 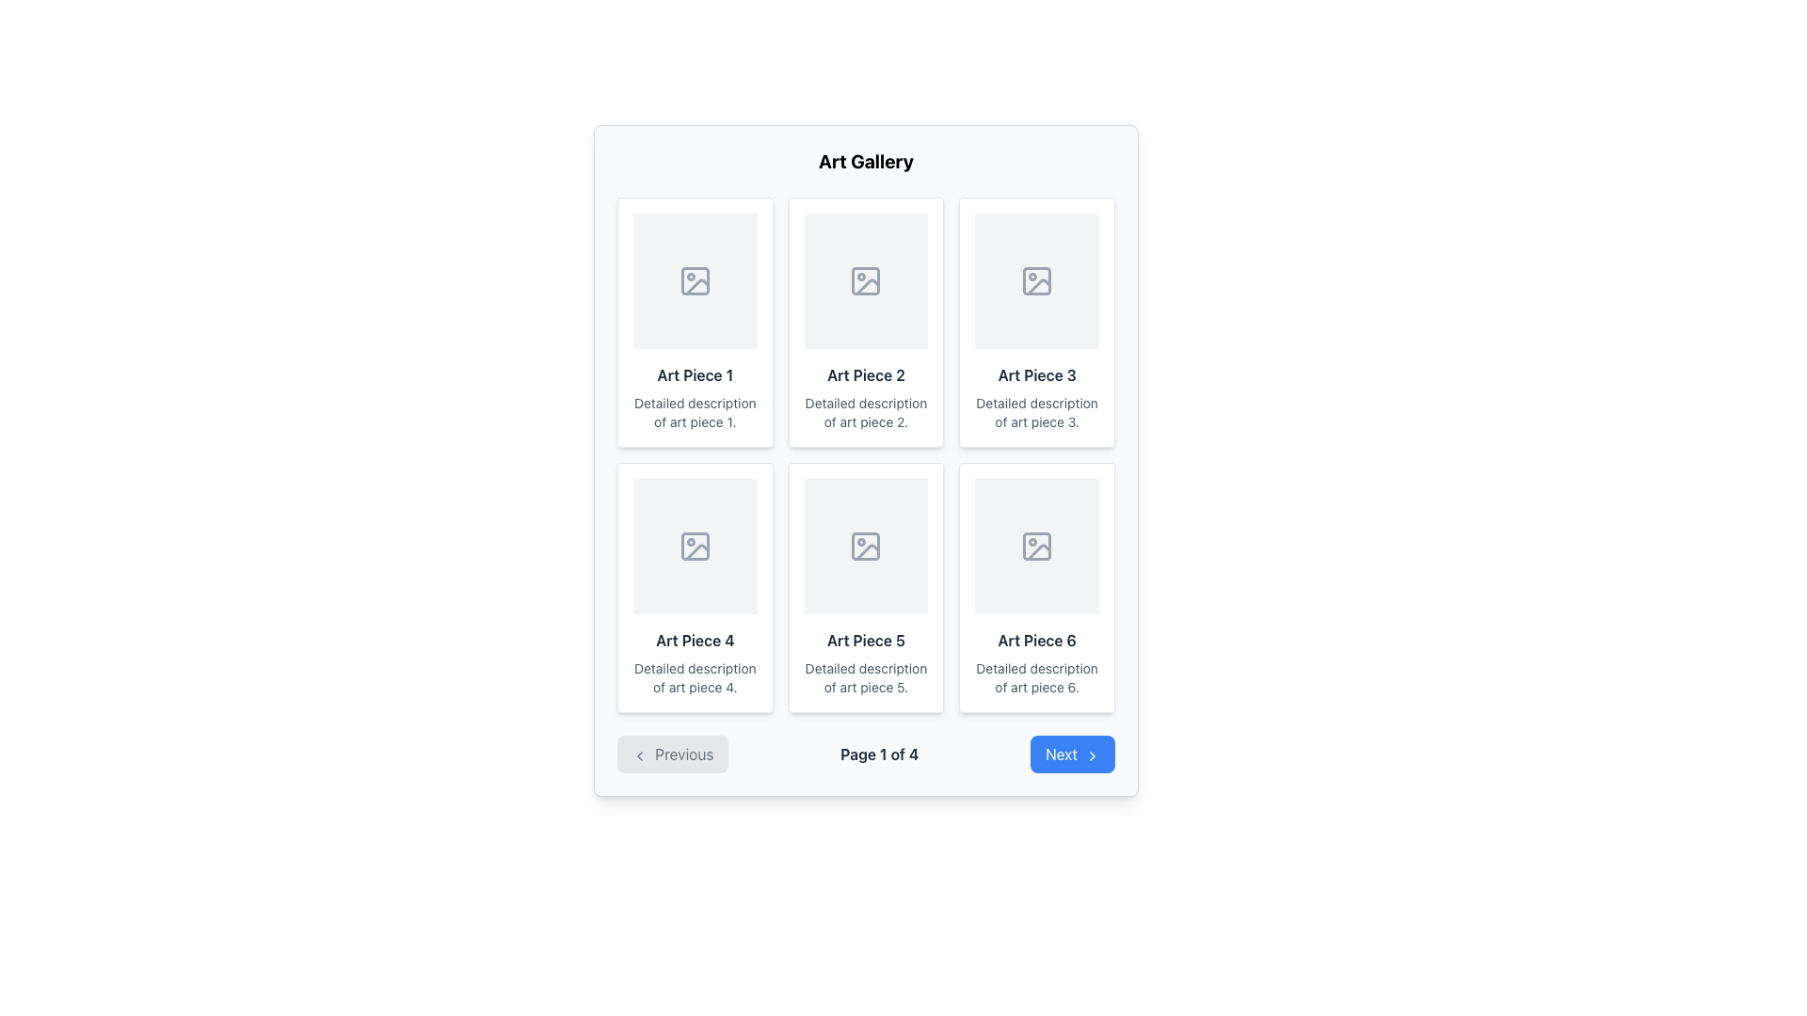 What do you see at coordinates (1036, 281) in the screenshot?
I see `the small rectangle inside the image icon located above the label 'Art Piece 3' in the third position of the first row in the grid layout` at bounding box center [1036, 281].